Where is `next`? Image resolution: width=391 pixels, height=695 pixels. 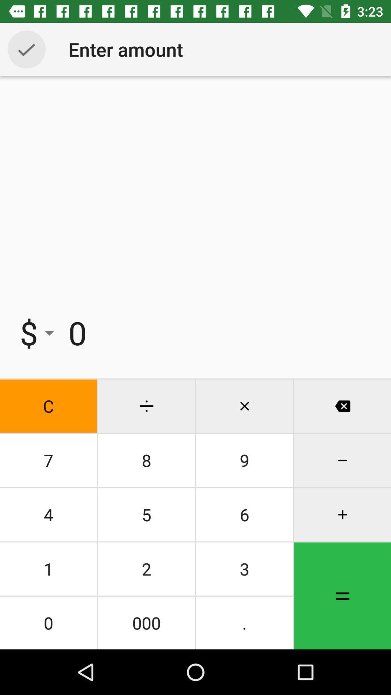
next is located at coordinates (26, 49).